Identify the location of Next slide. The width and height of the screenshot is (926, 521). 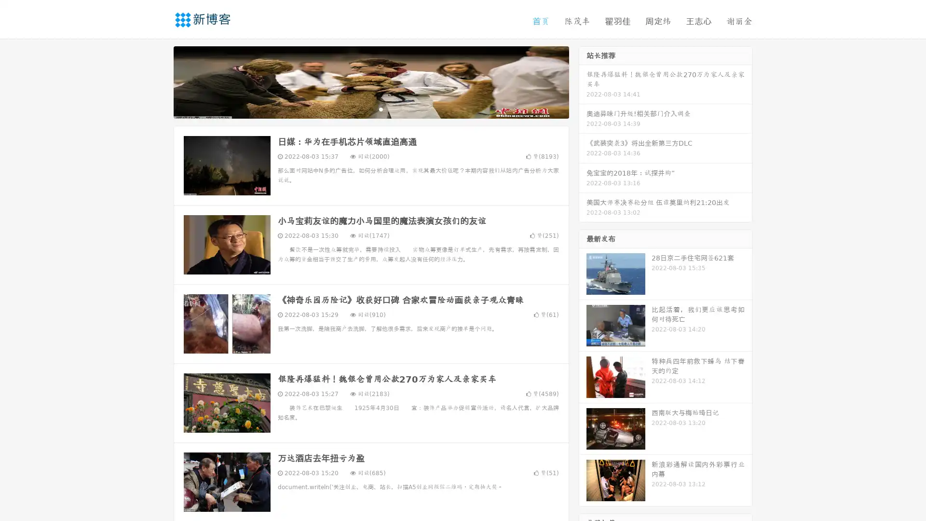
(583, 81).